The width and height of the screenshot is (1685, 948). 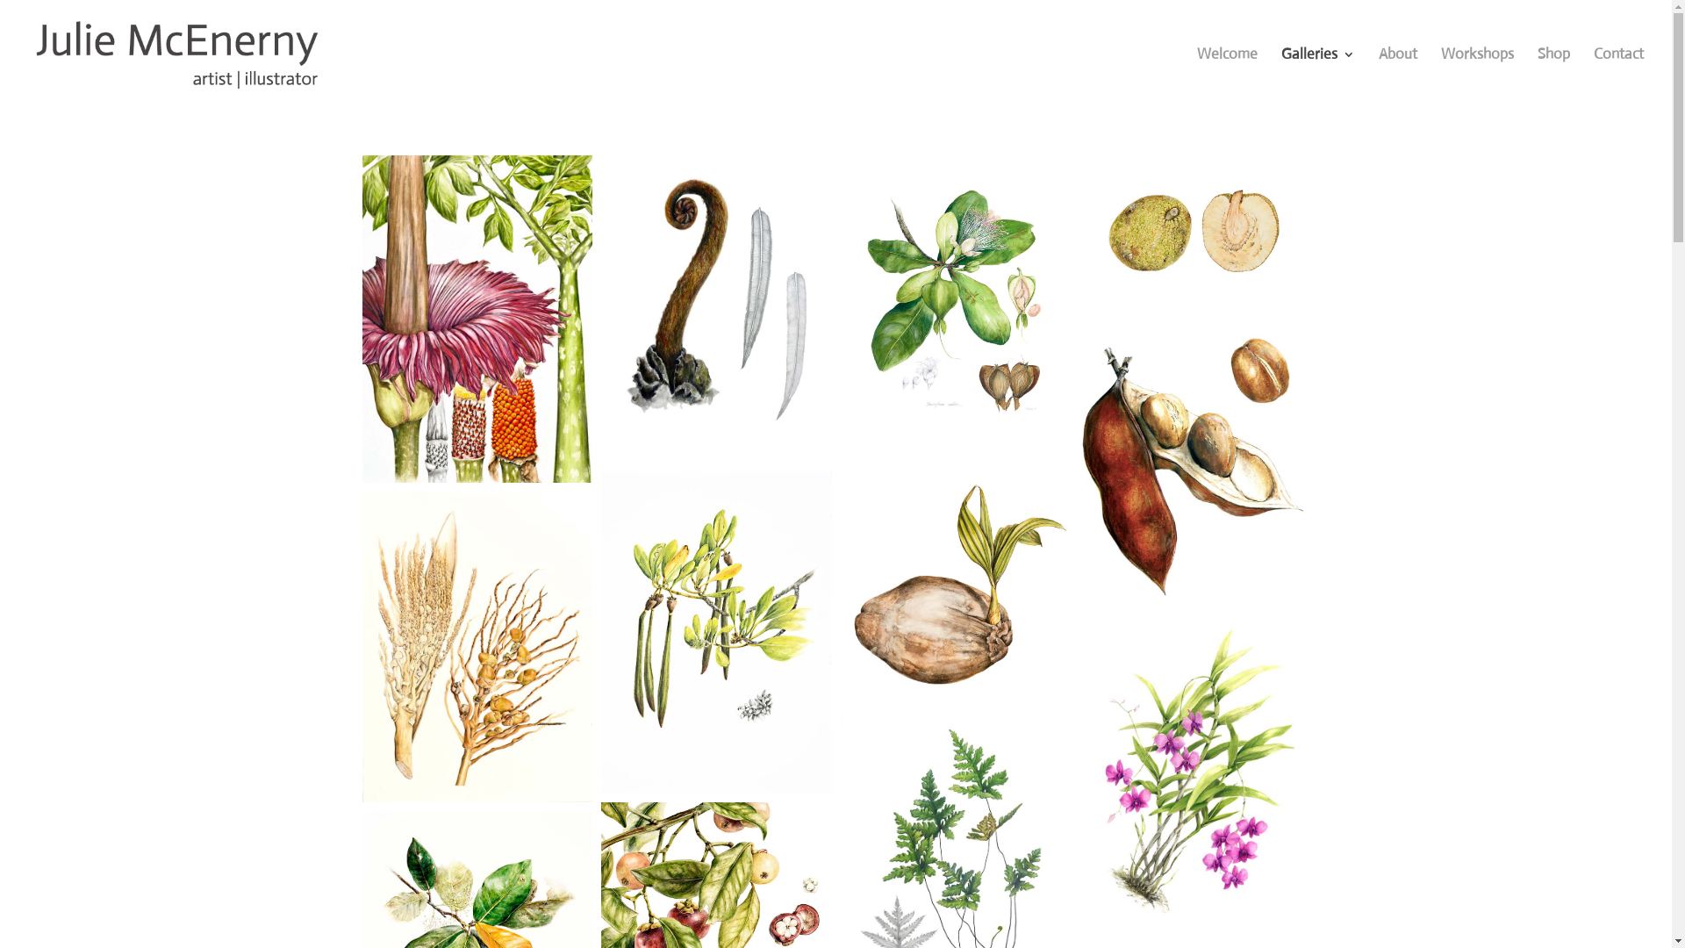 I want to click on 'Contact', so click(x=1593, y=77).